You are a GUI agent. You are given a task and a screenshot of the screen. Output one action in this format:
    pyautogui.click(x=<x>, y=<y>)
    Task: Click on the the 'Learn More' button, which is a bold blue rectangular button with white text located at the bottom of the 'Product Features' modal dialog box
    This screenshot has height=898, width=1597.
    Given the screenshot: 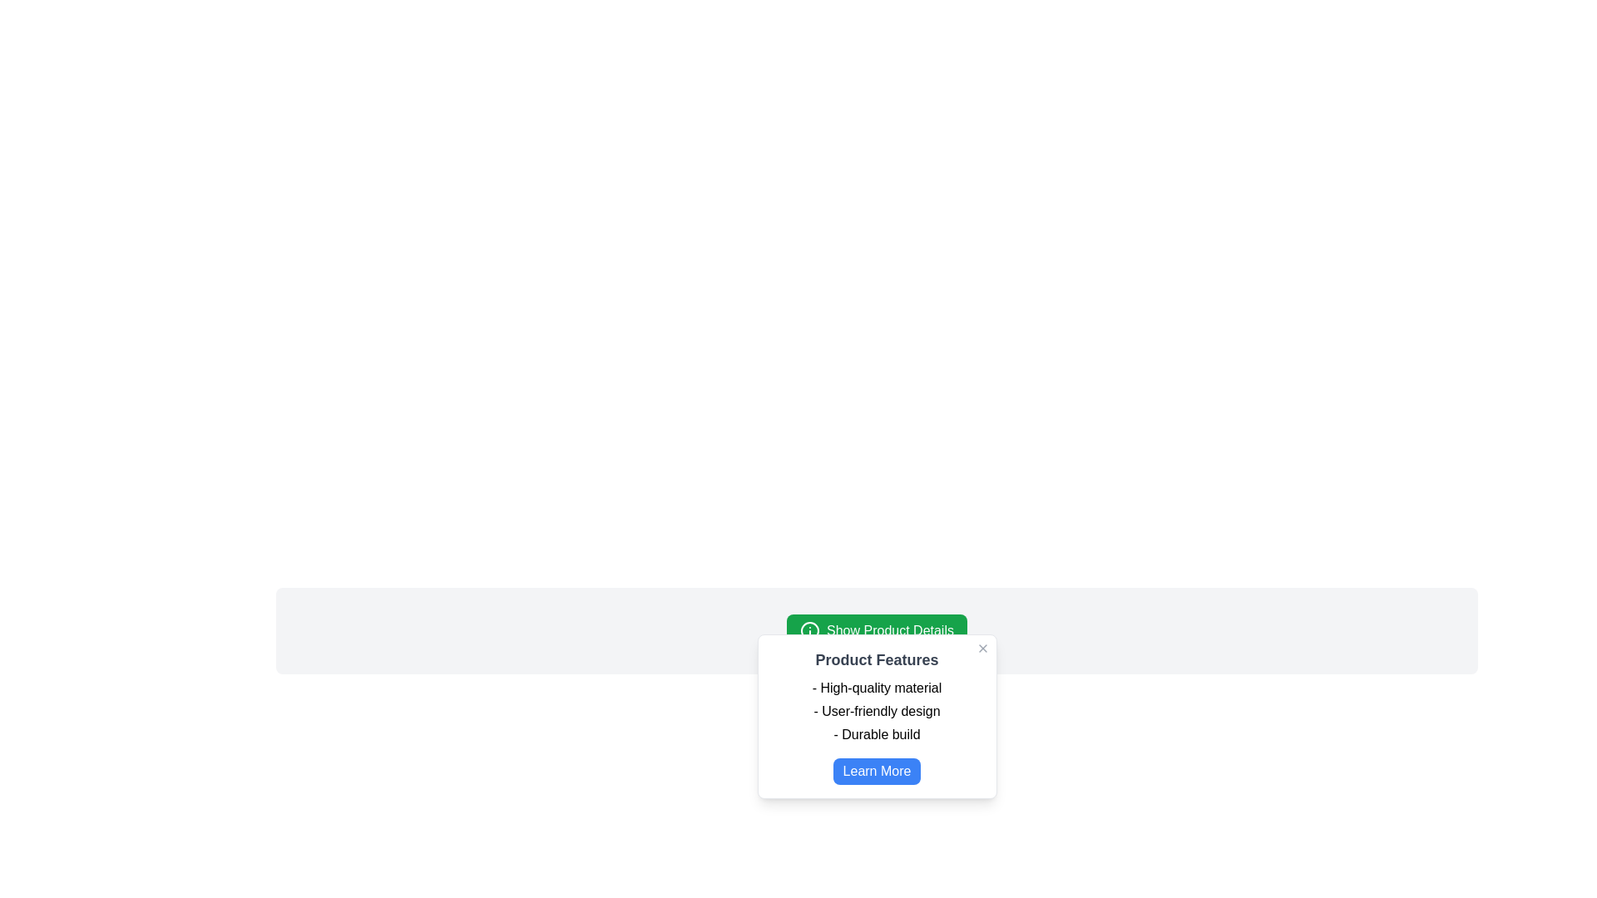 What is the action you would take?
    pyautogui.click(x=876, y=772)
    